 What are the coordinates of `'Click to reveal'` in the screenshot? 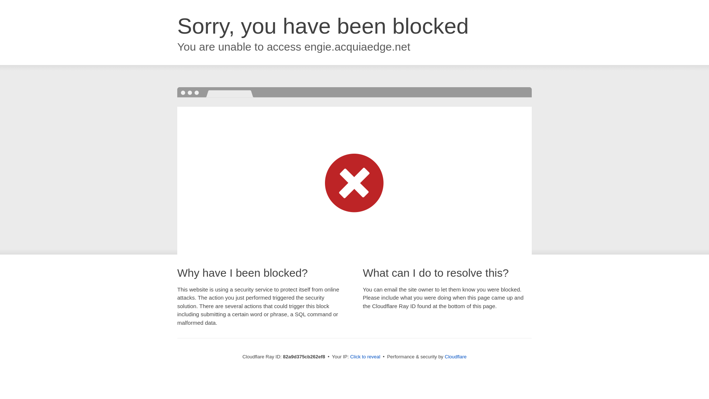 It's located at (365, 356).